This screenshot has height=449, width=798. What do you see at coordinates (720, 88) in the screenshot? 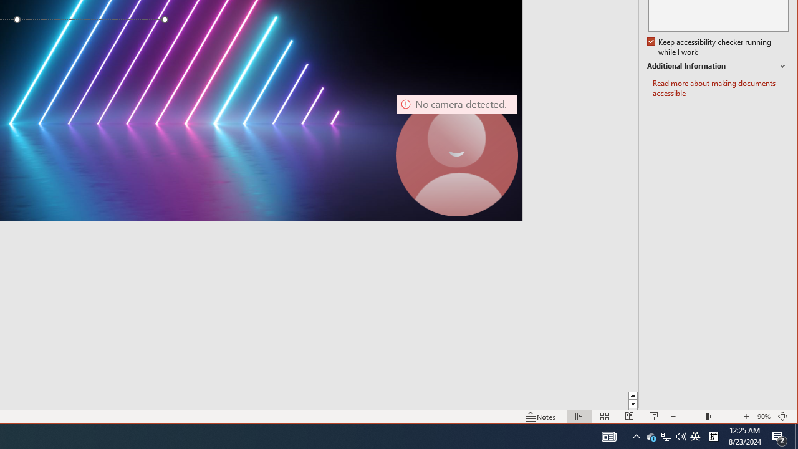
I see `'Read more about making documents accessible'` at bounding box center [720, 88].